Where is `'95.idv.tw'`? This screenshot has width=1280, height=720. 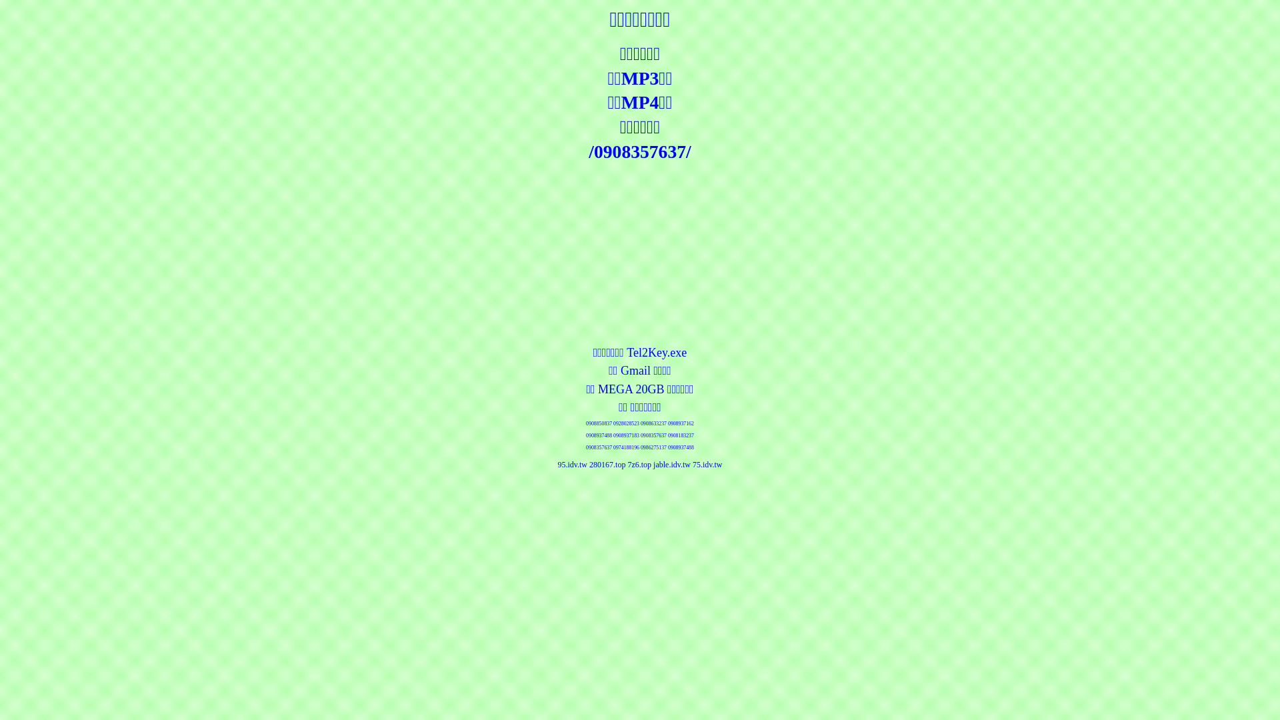 '95.idv.tw' is located at coordinates (572, 464).